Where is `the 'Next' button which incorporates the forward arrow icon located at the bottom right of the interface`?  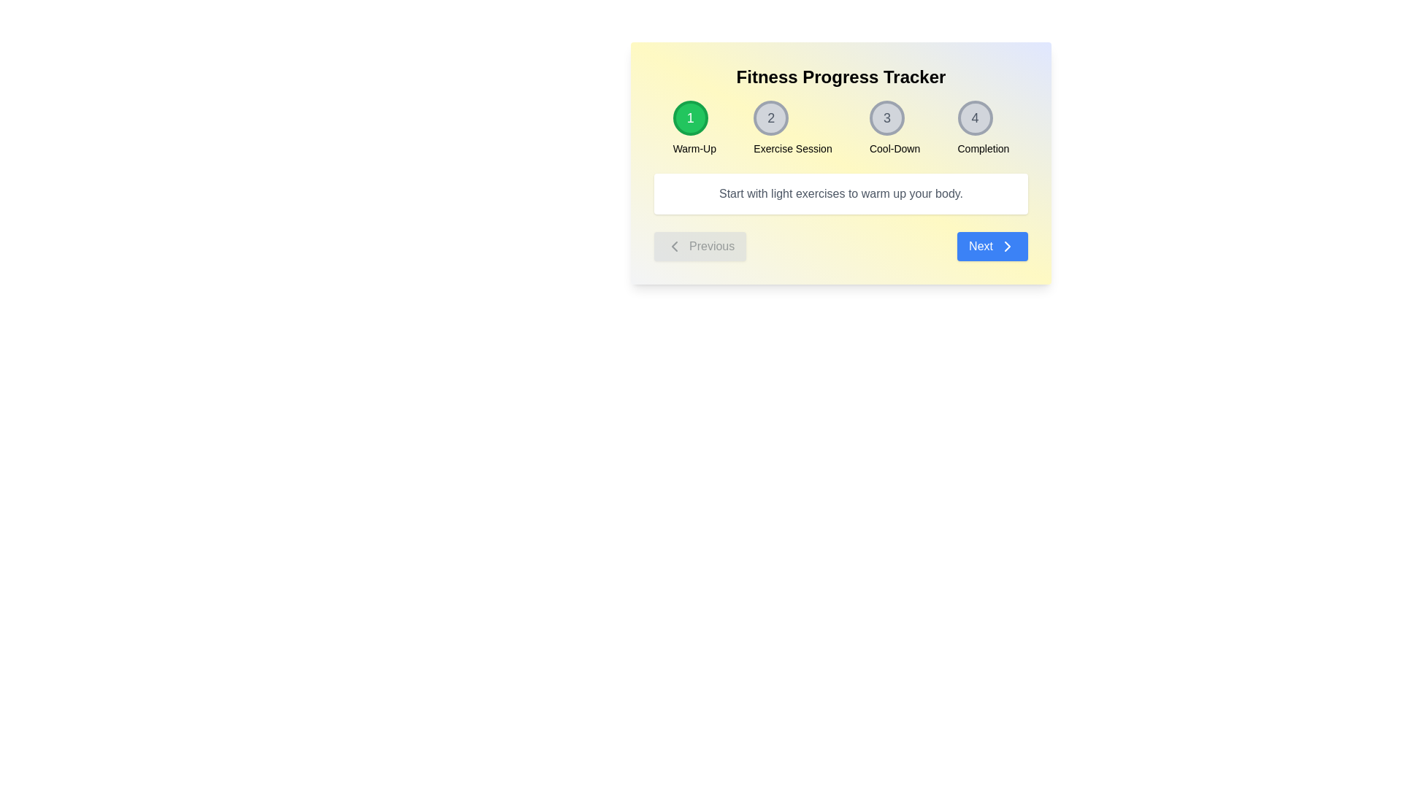
the 'Next' button which incorporates the forward arrow icon located at the bottom right of the interface is located at coordinates (1007, 246).